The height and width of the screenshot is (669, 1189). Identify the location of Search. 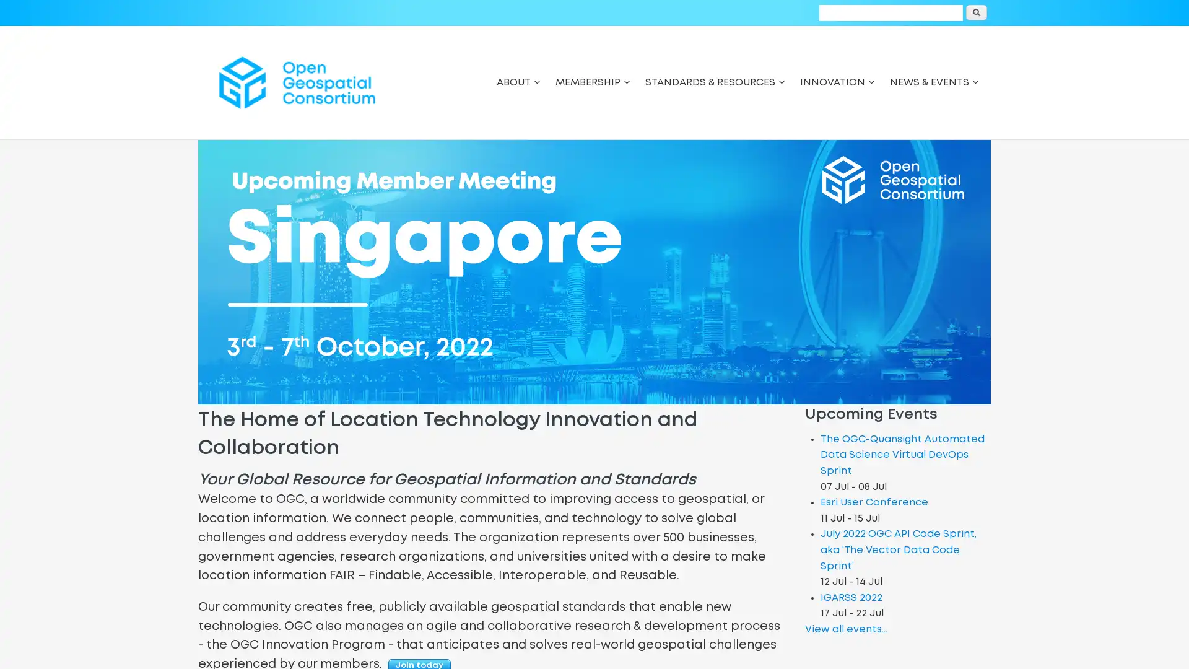
(976, 12).